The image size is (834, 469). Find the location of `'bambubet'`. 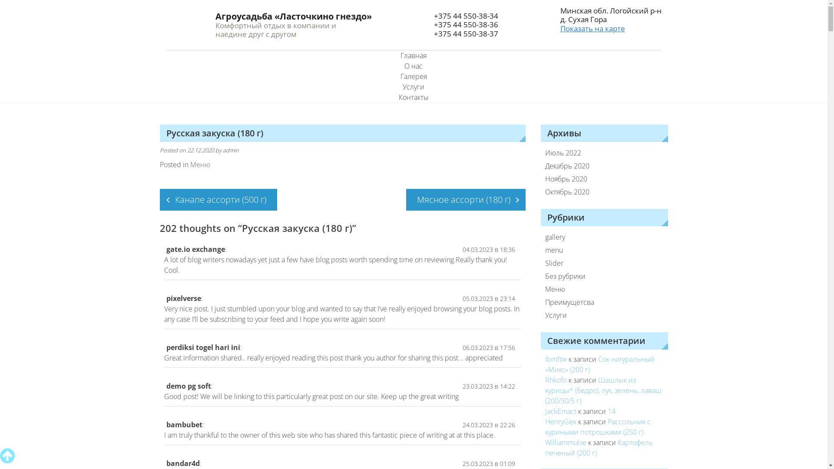

'bambubet' is located at coordinates (183, 424).